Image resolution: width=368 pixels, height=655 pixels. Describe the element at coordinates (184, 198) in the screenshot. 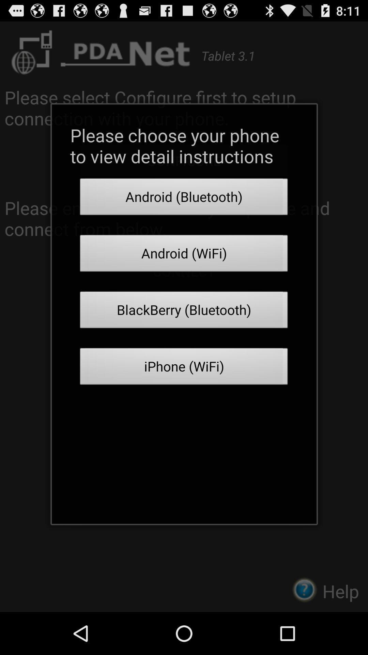

I see `the button above android (wifi)` at that location.